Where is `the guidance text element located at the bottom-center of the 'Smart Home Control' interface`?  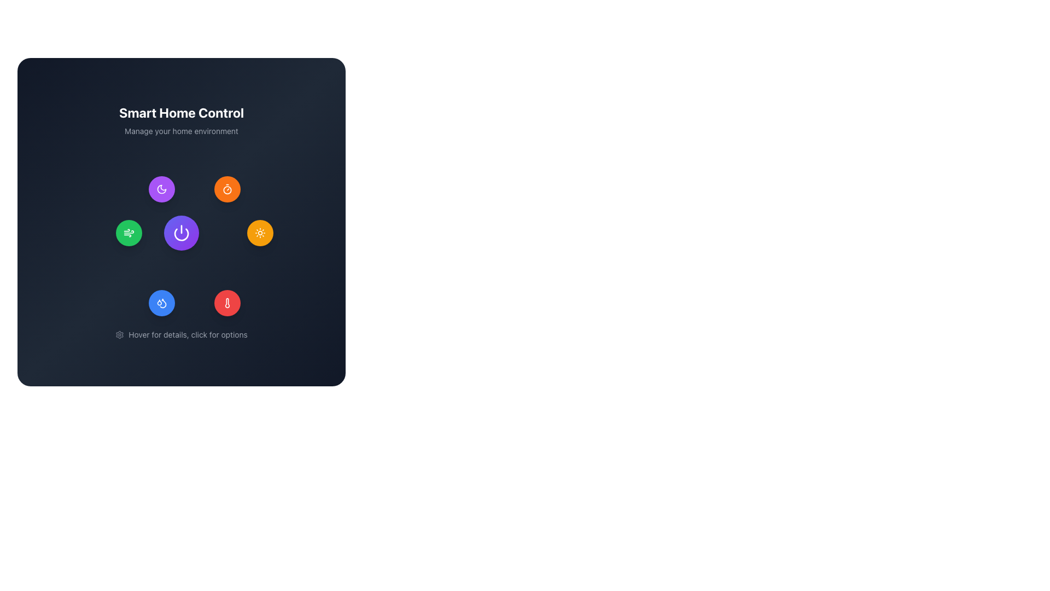
the guidance text element located at the bottom-center of the 'Smart Home Control' interface is located at coordinates (181, 334).